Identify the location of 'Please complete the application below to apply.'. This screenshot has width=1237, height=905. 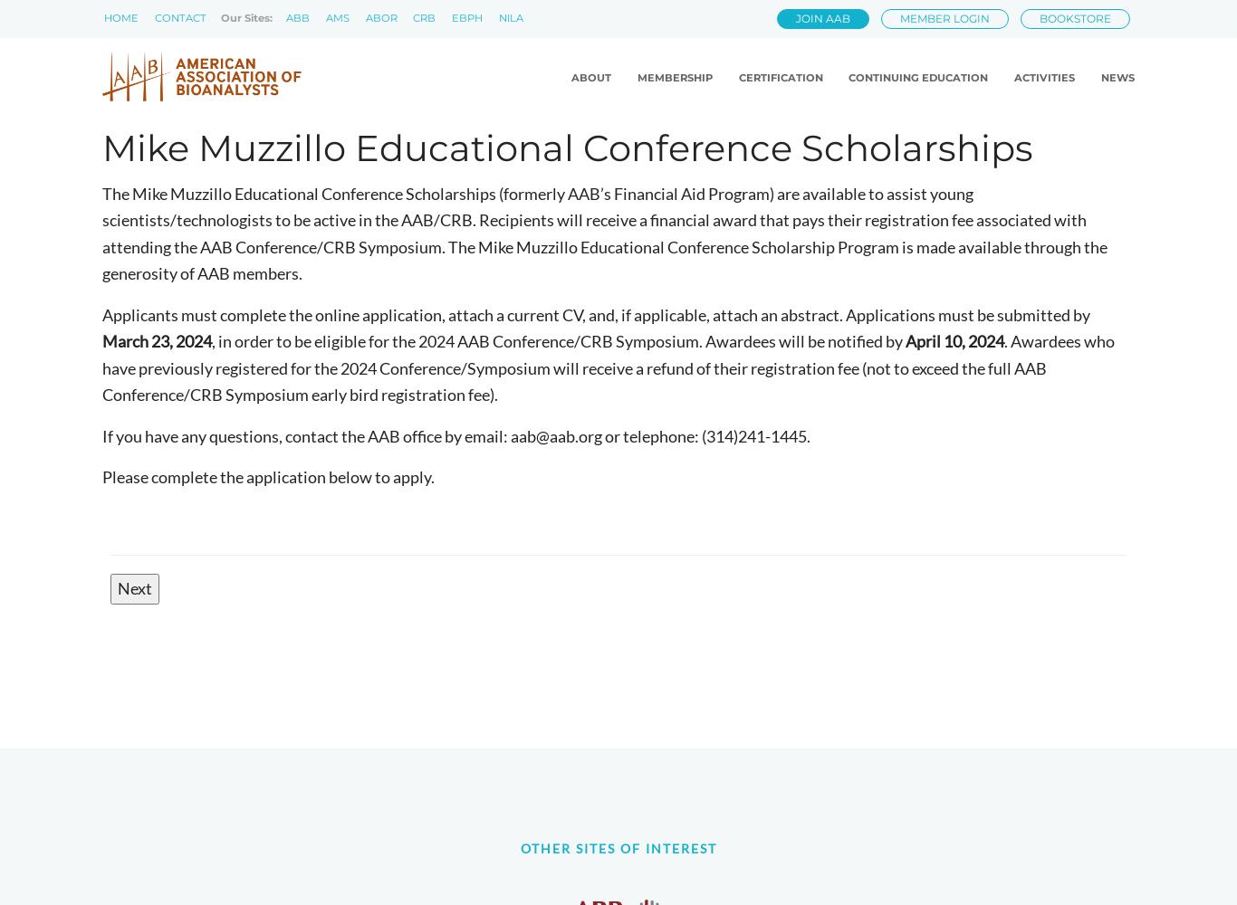
(268, 476).